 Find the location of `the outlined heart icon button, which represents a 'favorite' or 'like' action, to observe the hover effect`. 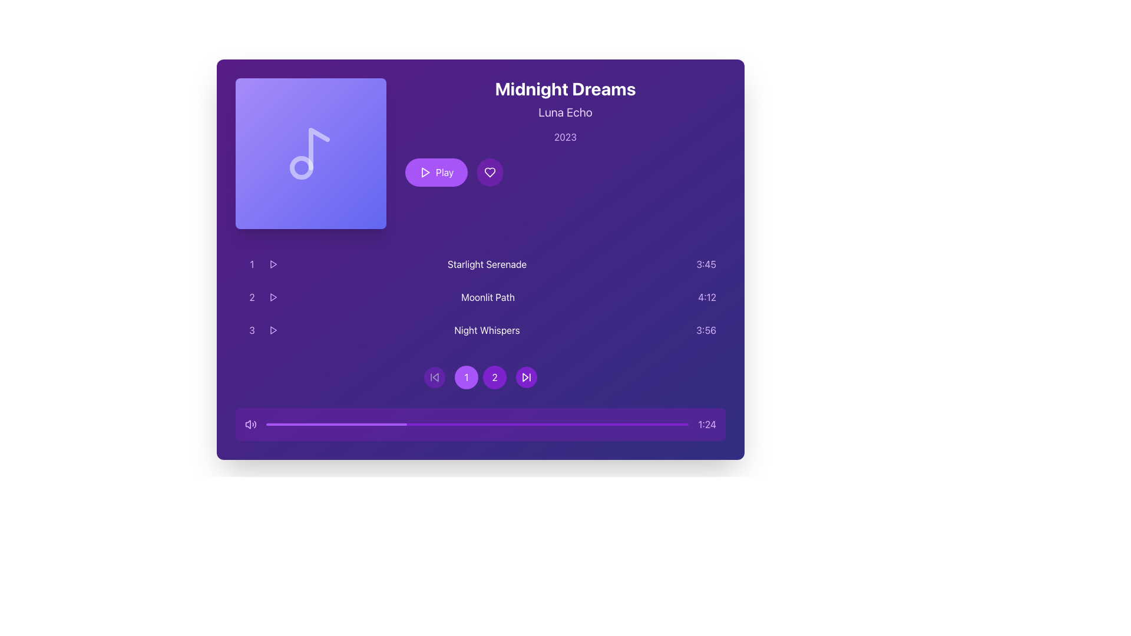

the outlined heart icon button, which represents a 'favorite' or 'like' action, to observe the hover effect is located at coordinates (490, 173).